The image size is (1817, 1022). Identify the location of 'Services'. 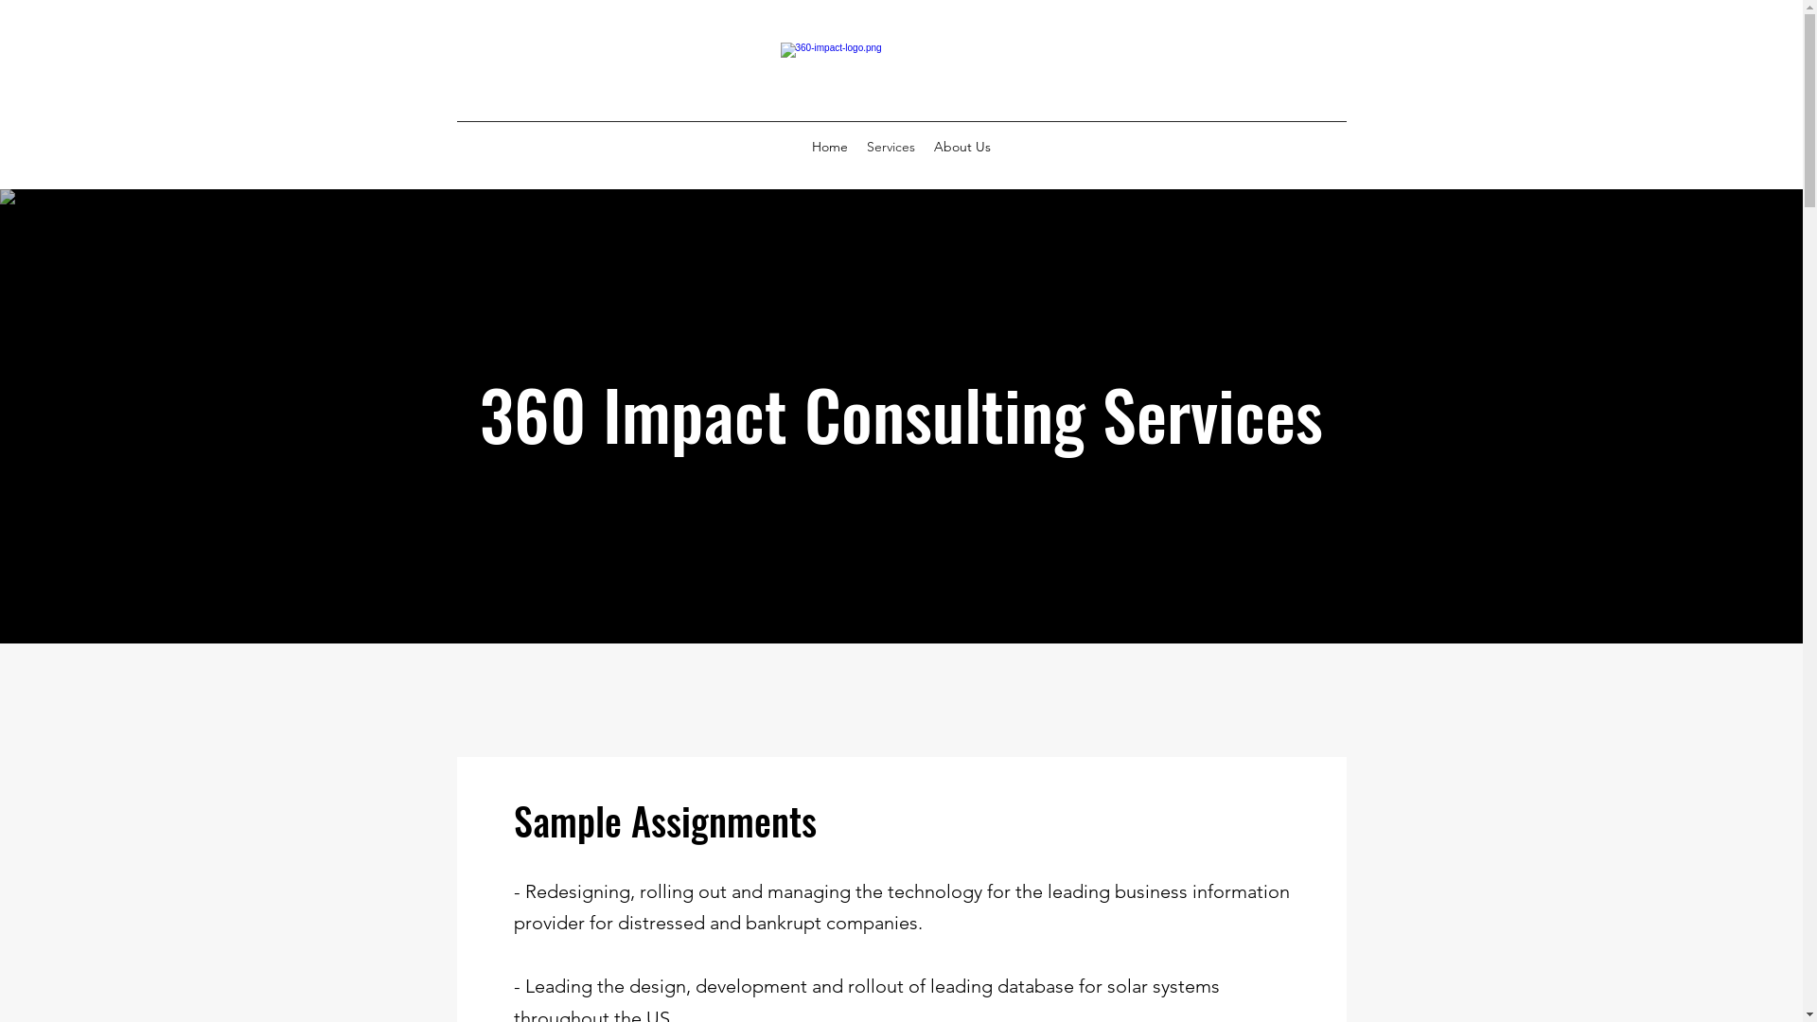
(890, 145).